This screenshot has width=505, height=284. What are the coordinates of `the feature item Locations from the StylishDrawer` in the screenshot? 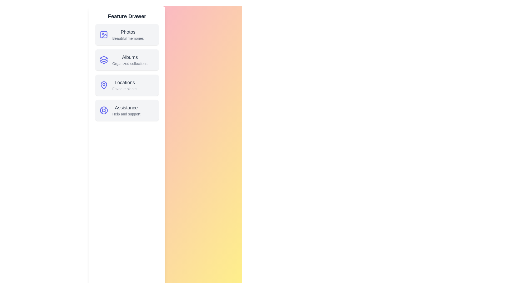 It's located at (127, 85).